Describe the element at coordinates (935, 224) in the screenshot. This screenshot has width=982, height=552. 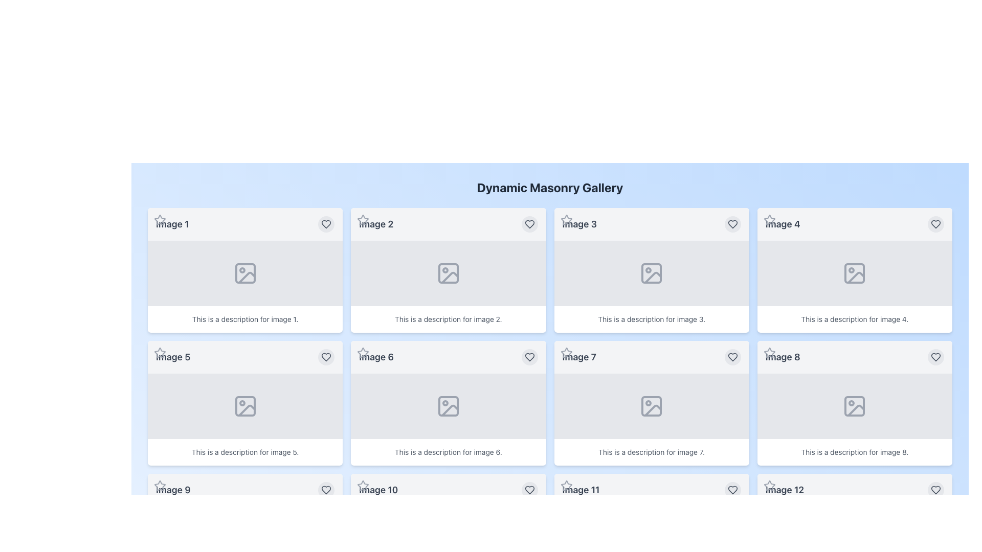
I see `the favorite icon button located in the upper-right corner of the 'Image 4' card in the 'Dynamic Masonry Gallery' to mark the associated item as a favorite` at that location.